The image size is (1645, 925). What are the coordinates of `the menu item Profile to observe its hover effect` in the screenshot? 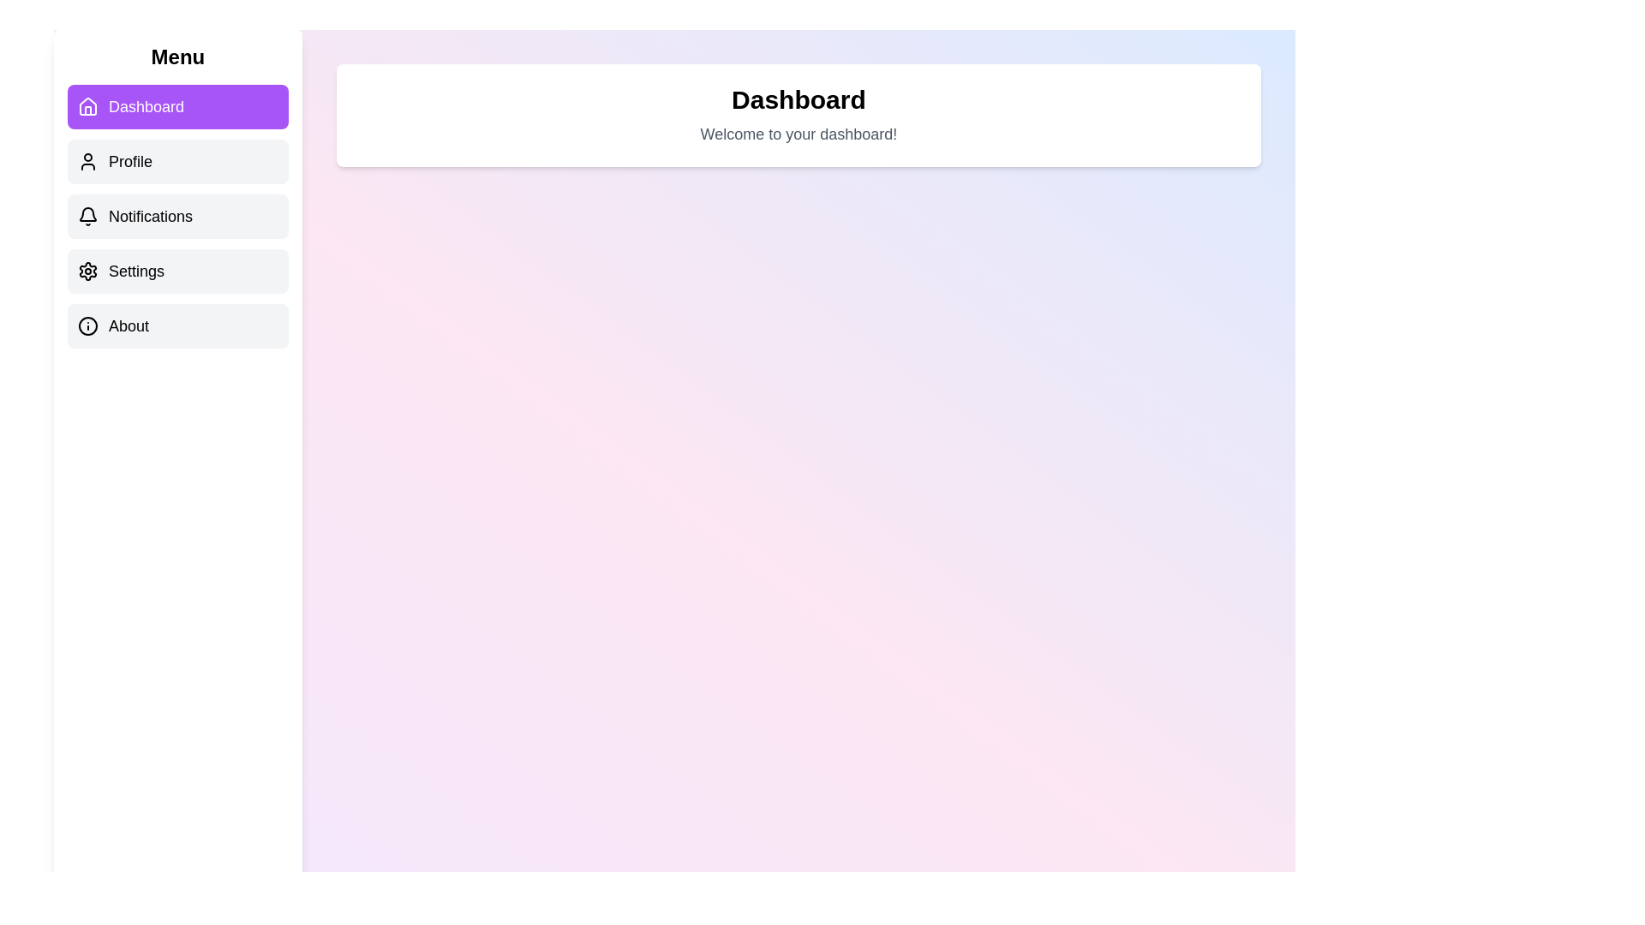 It's located at (177, 162).